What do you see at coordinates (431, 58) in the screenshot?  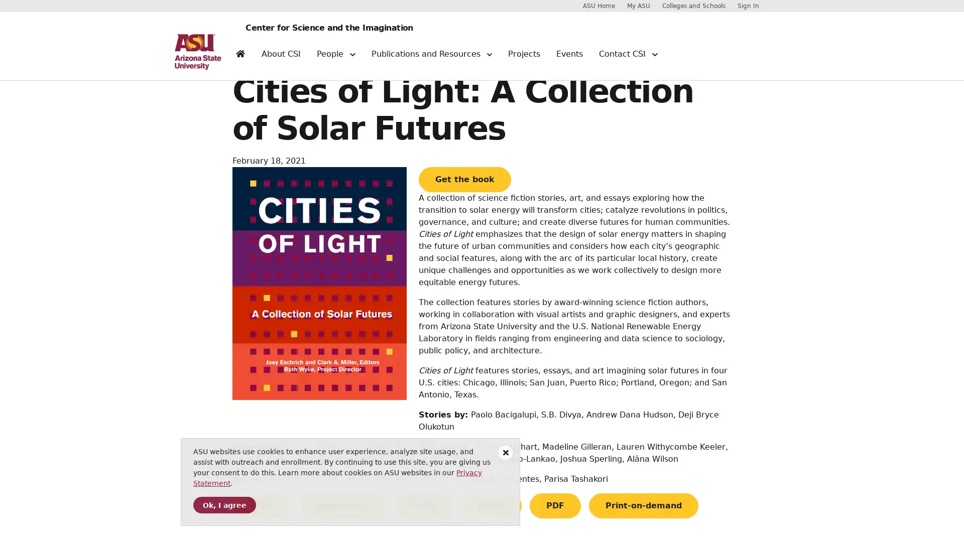 I see `Publications and Resources` at bounding box center [431, 58].